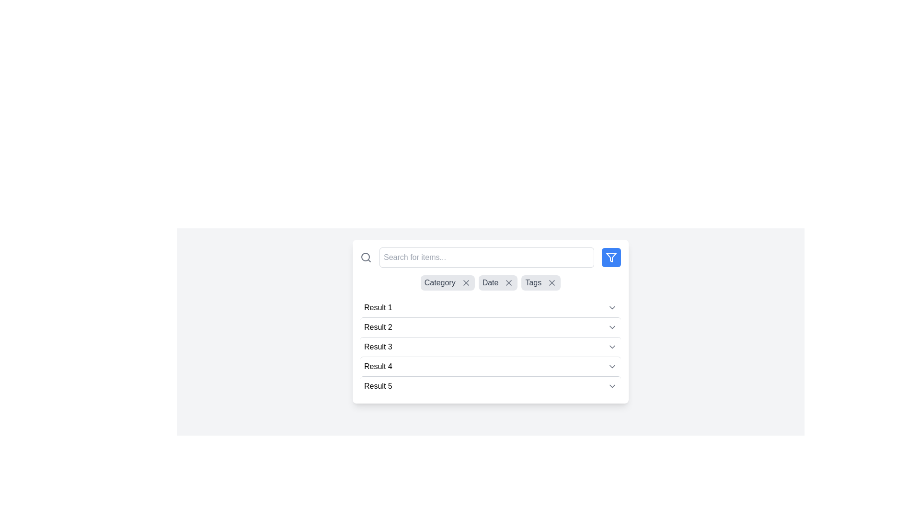 This screenshot has width=920, height=517. What do you see at coordinates (365, 257) in the screenshot?
I see `the decorative search icon located at the far left of the horizontal group of UI elements` at bounding box center [365, 257].